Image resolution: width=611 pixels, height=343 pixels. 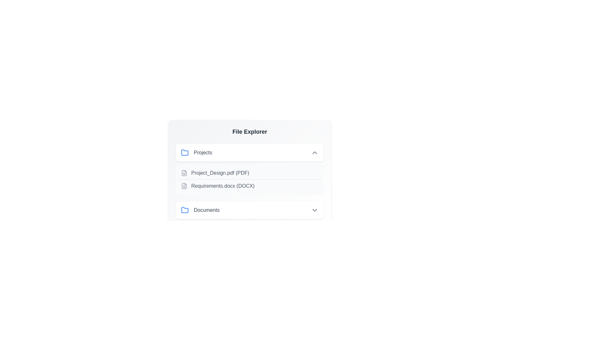 What do you see at coordinates (249, 173) in the screenshot?
I see `the file or directory identified by Project_Design.pdf` at bounding box center [249, 173].